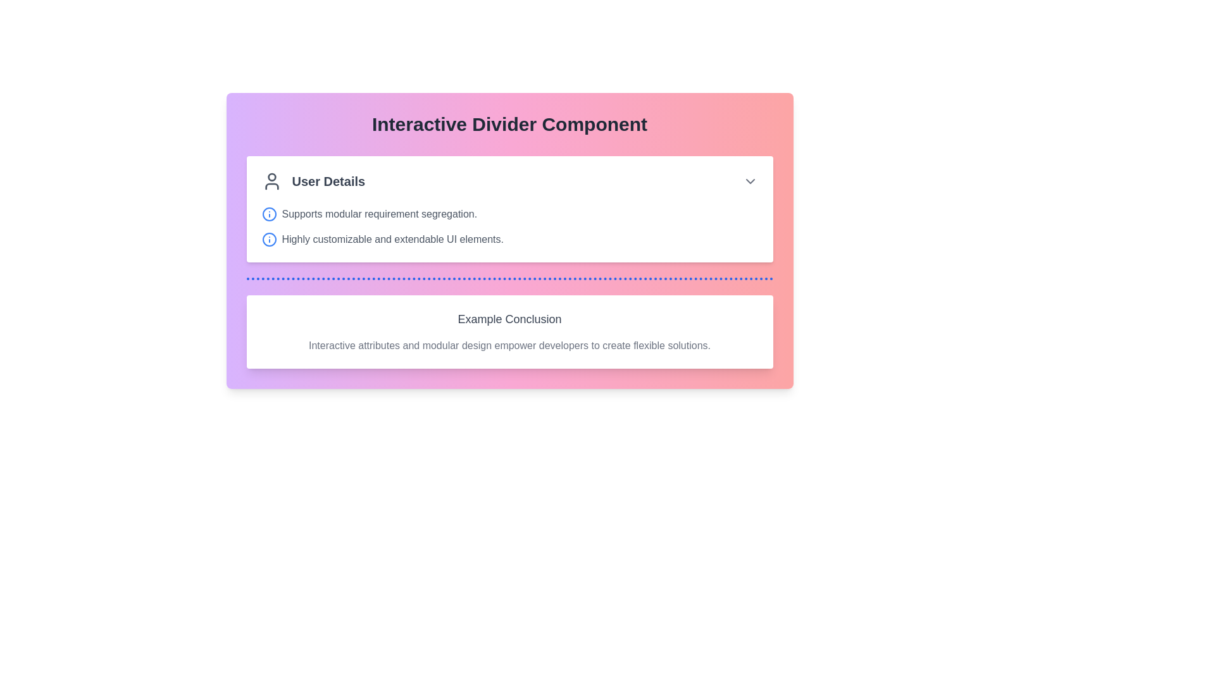  Describe the element at coordinates (392, 239) in the screenshot. I see `text label that says 'Highly customizable and extendable UI elements.' which is styled in gray and located next to a blue info icon within a card under the title 'Interactive Divider Component.'` at that location.